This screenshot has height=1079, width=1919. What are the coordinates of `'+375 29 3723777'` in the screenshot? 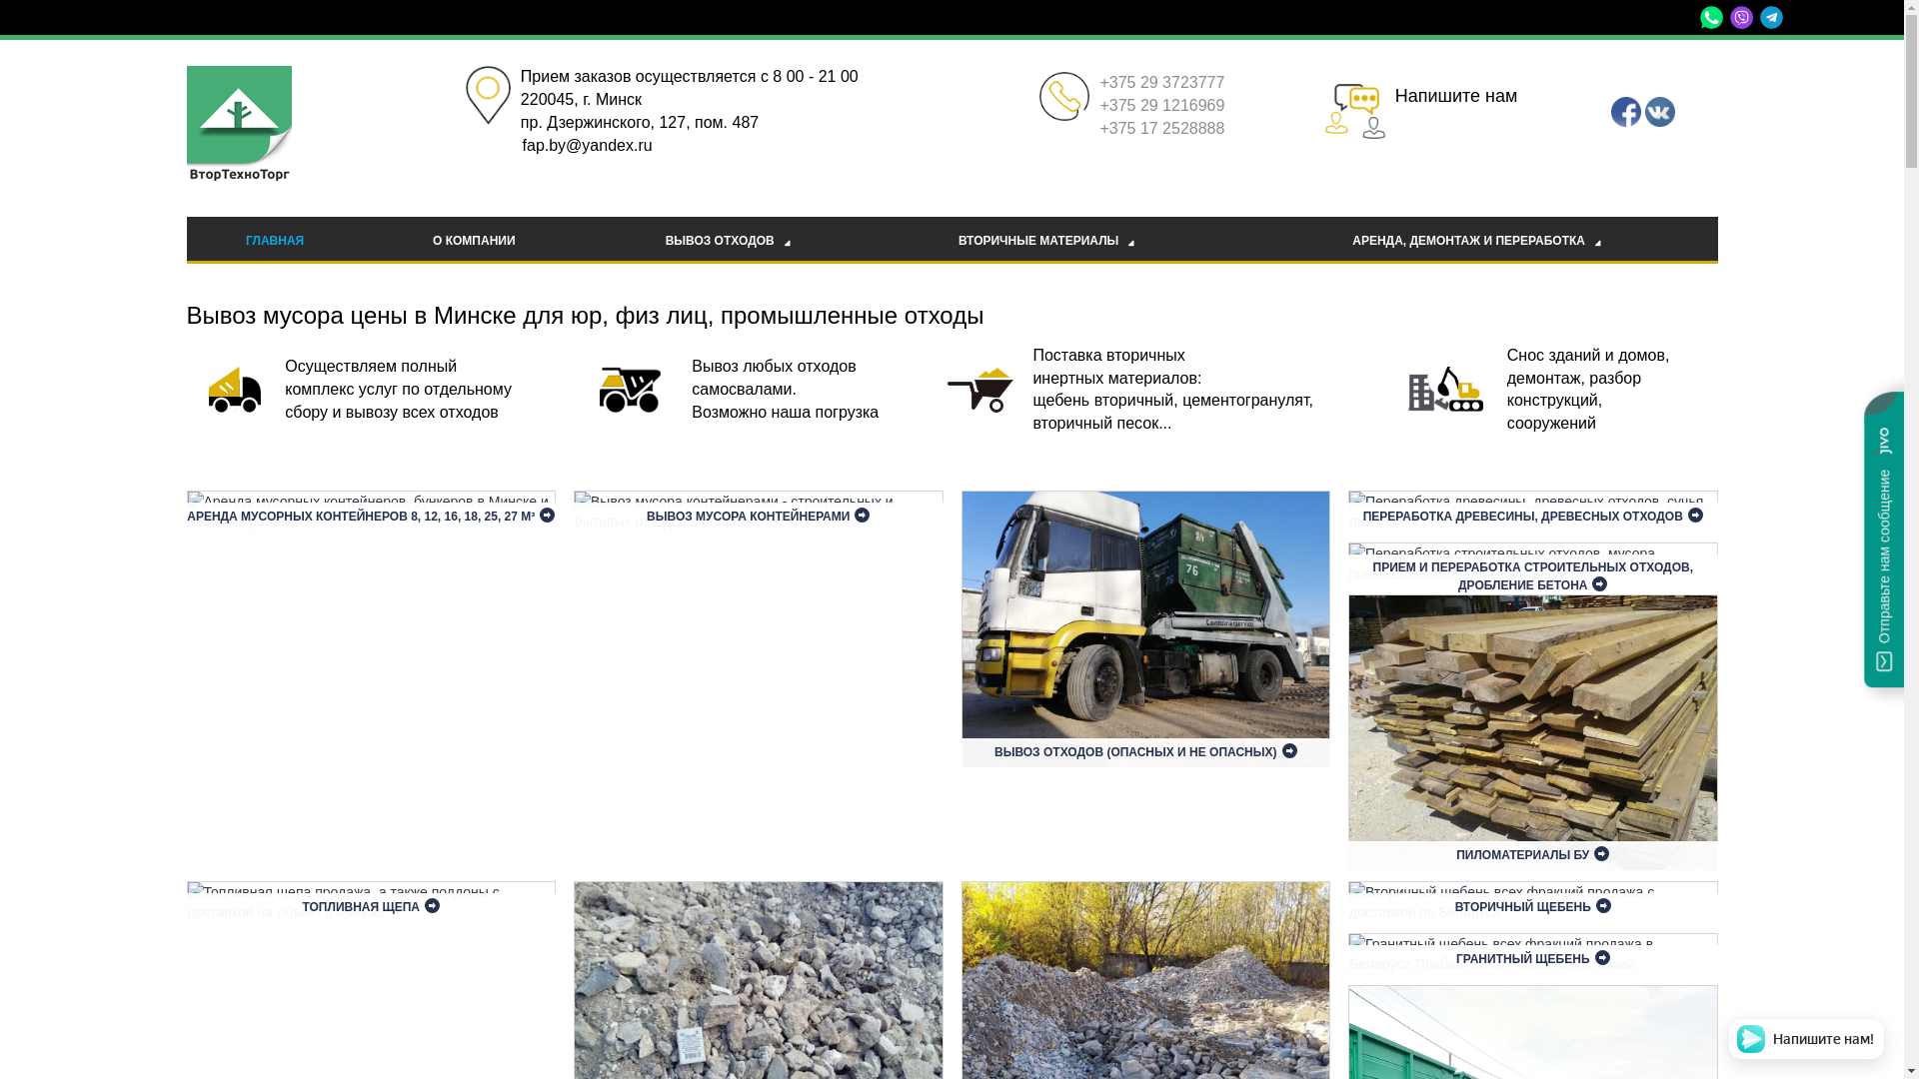 It's located at (1097, 81).